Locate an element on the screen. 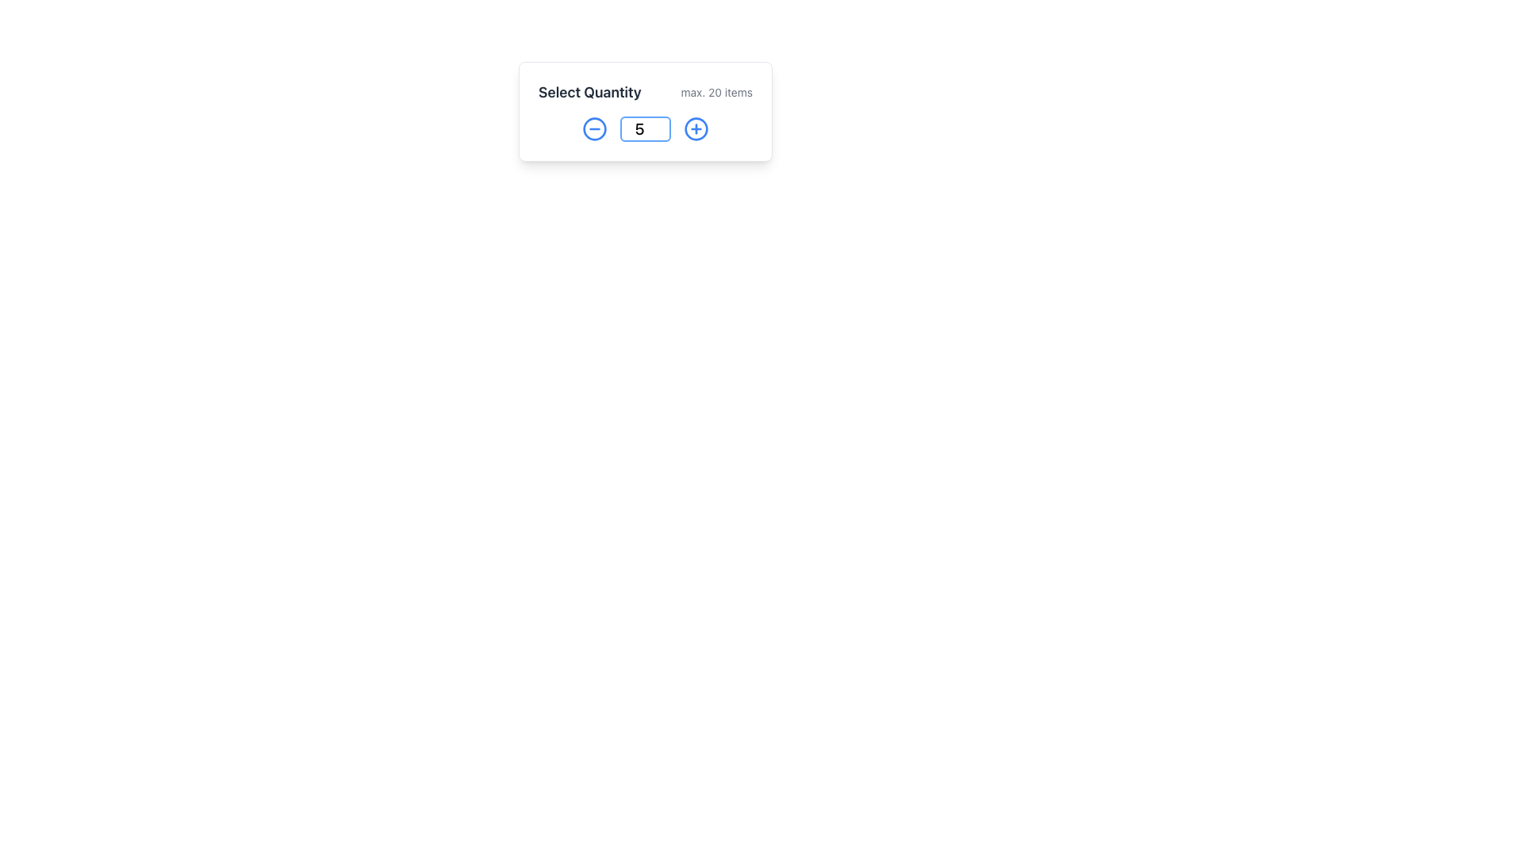 The height and width of the screenshot is (856, 1523). the SVG circle element representing the 'decrease quantity' functionality of the decrement button located is located at coordinates (593, 128).